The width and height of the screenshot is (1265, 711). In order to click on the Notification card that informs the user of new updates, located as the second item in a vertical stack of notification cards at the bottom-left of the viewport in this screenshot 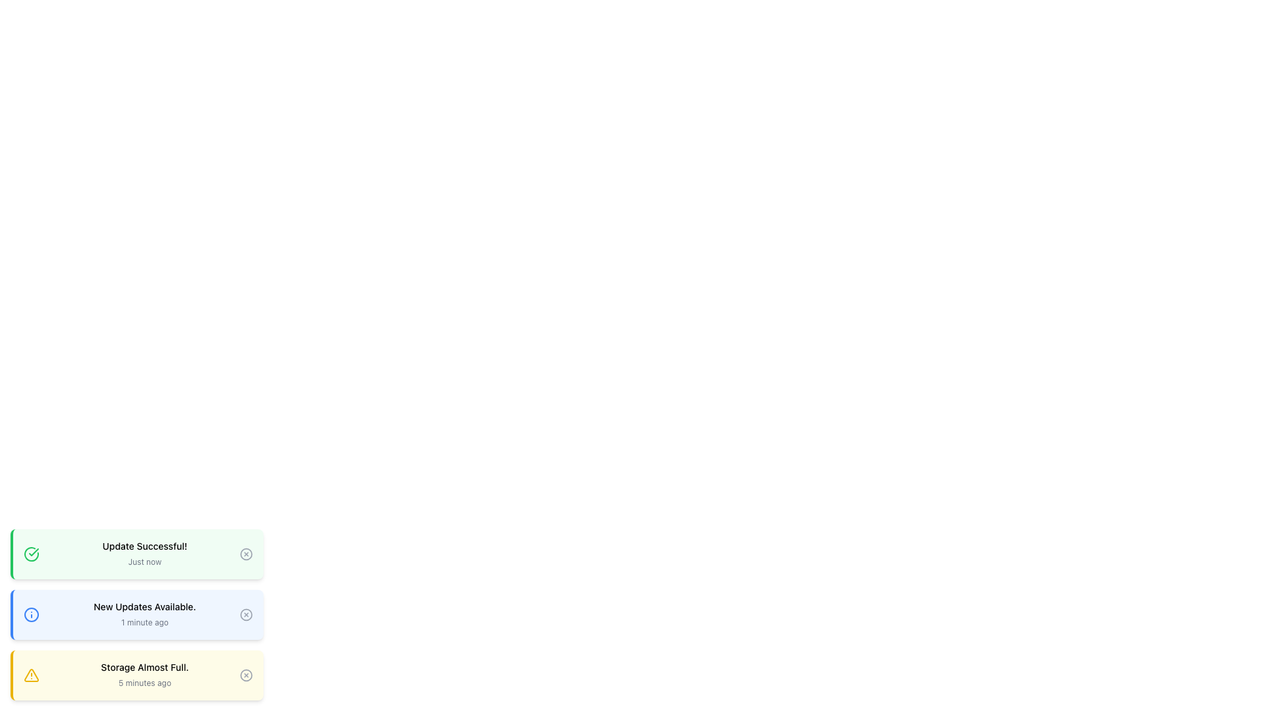, I will do `click(136, 614)`.